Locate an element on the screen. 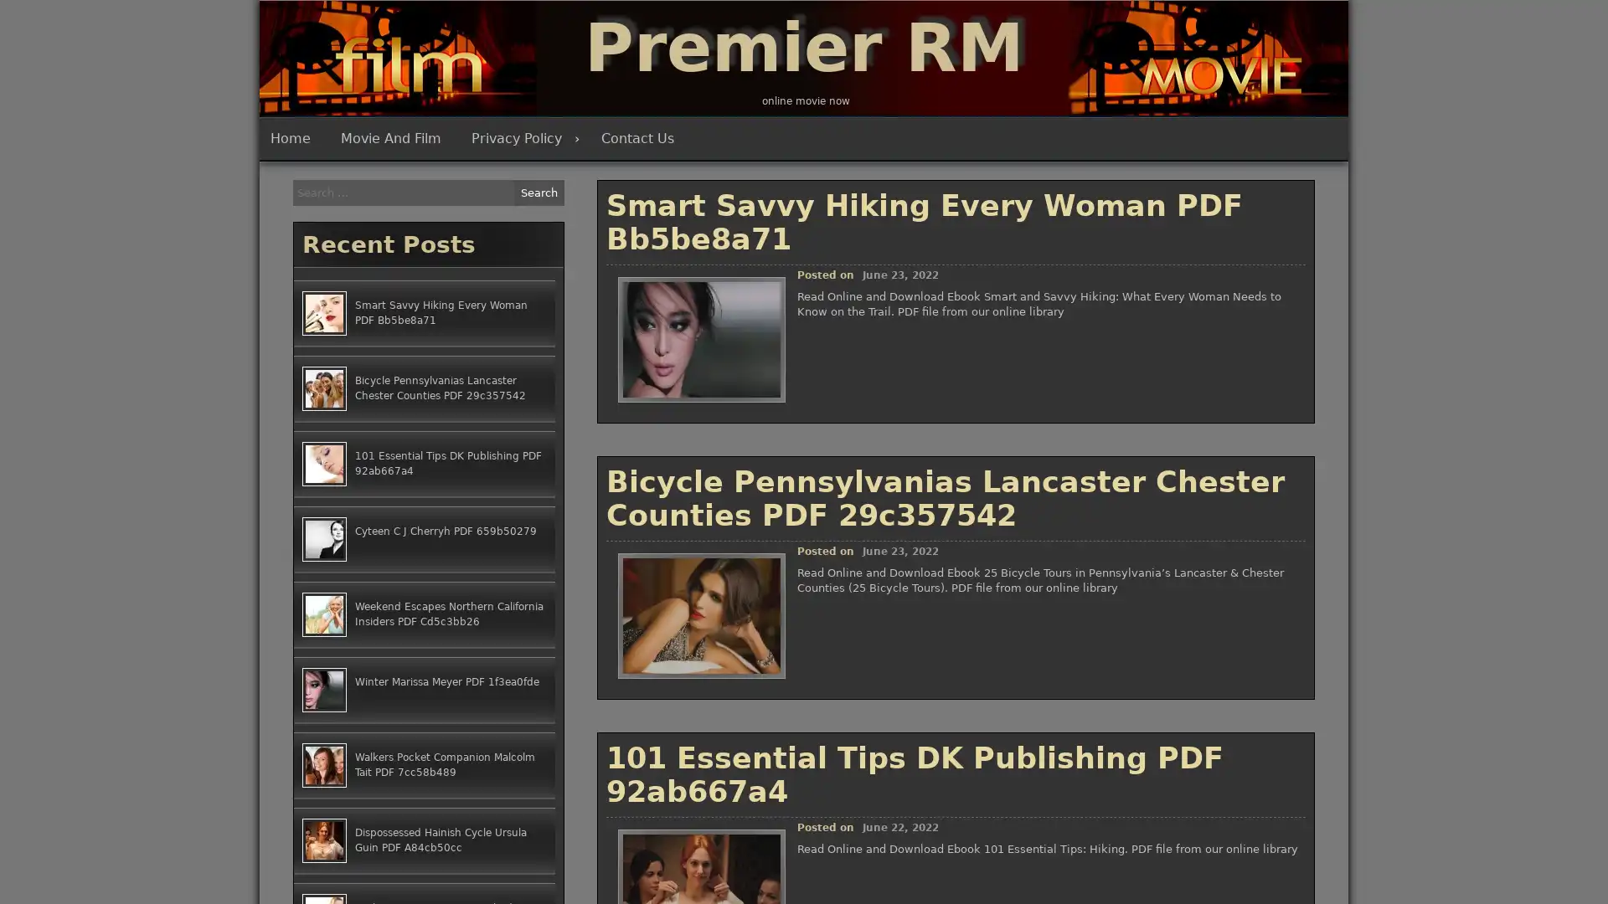 The width and height of the screenshot is (1608, 904). Search is located at coordinates (539, 192).